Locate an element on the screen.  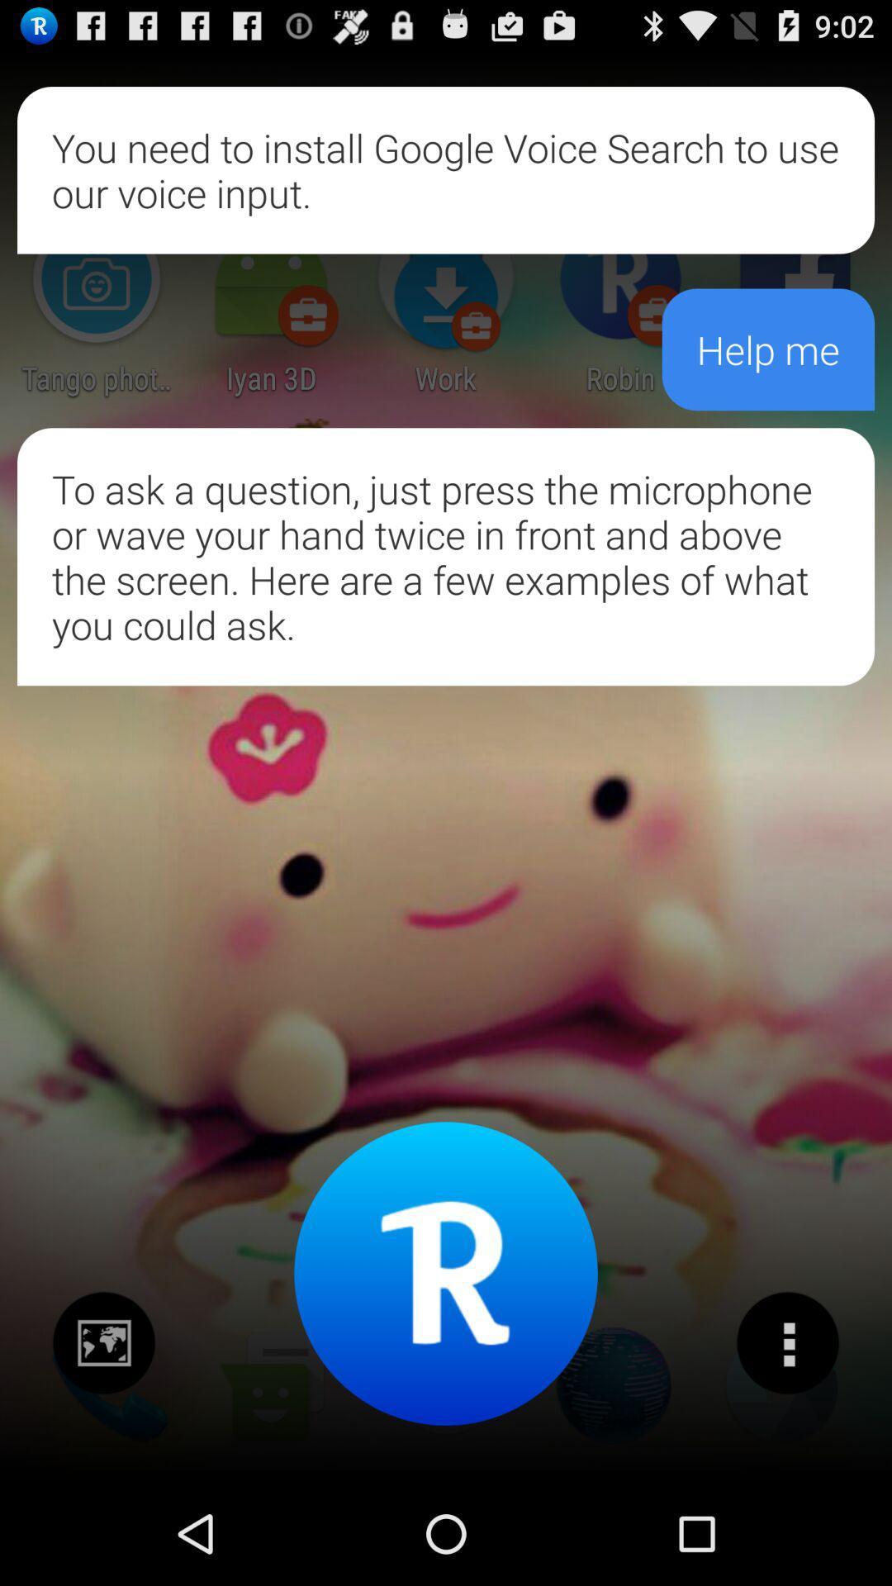
the icon at the bottom left corner is located at coordinates (104, 1343).